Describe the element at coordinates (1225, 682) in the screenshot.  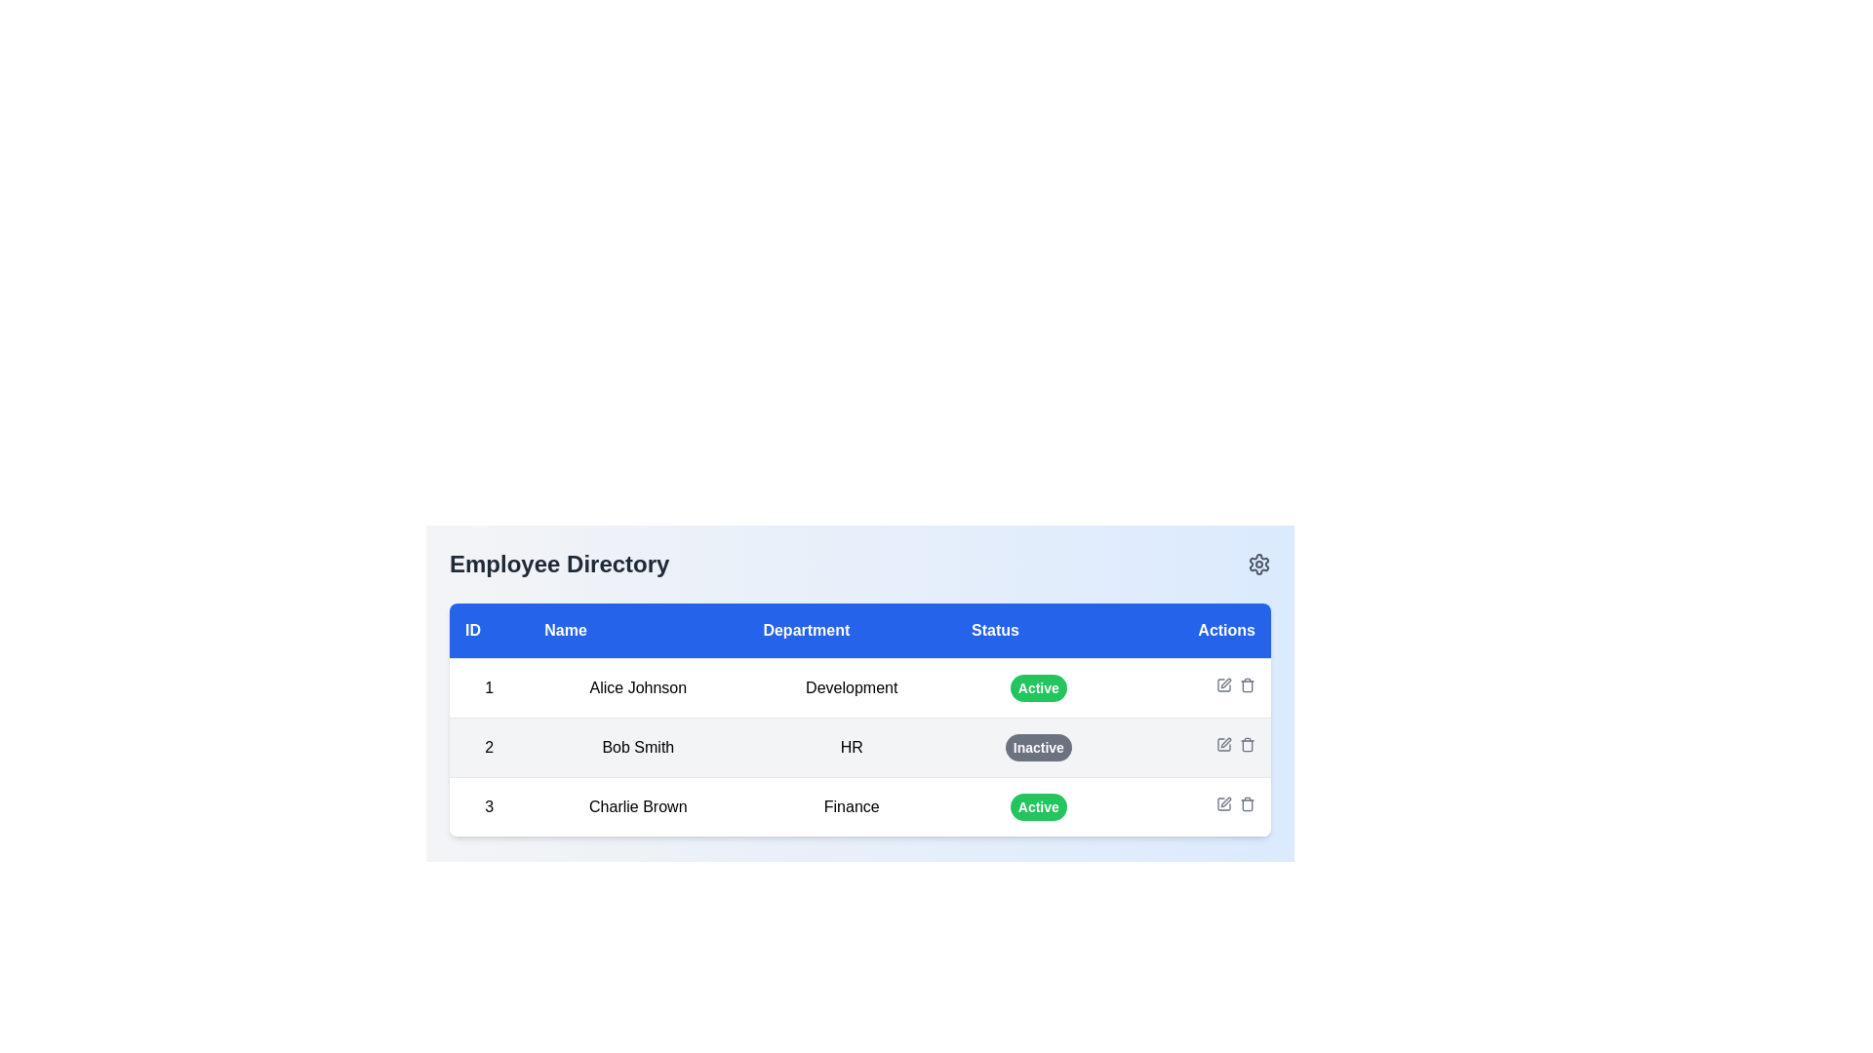
I see `the Edit button icon, which is a pen-shaped icon located in the Actions column of the second row in the employee directory table` at that location.